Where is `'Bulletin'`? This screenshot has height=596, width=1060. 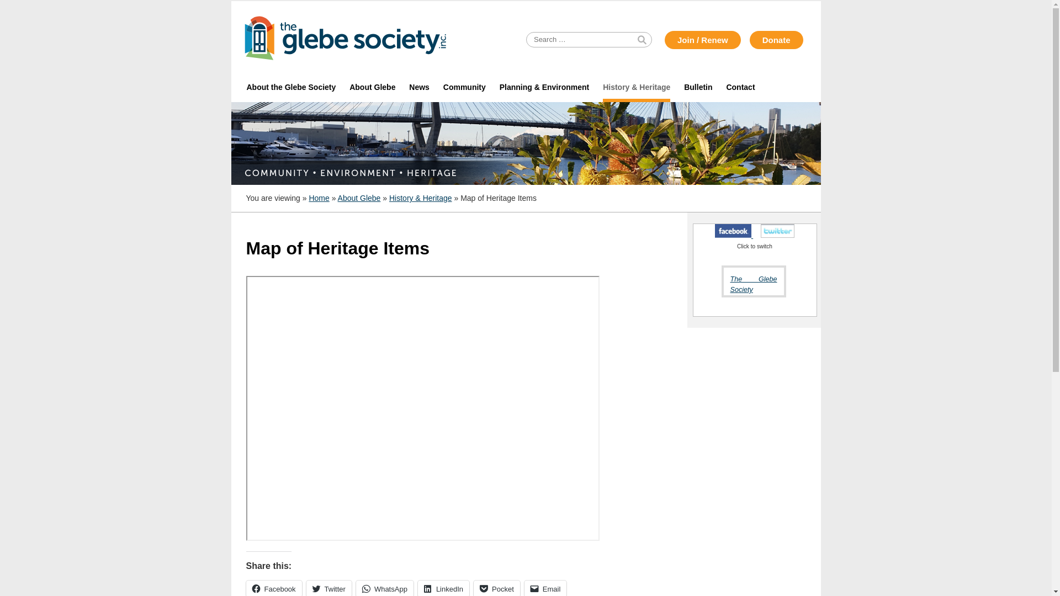 'Bulletin' is located at coordinates (698, 87).